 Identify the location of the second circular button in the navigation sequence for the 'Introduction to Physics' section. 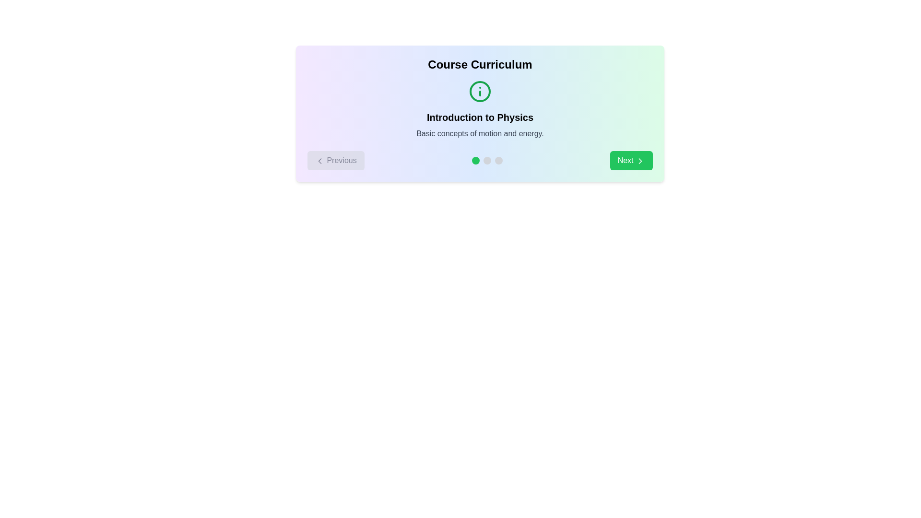
(487, 160).